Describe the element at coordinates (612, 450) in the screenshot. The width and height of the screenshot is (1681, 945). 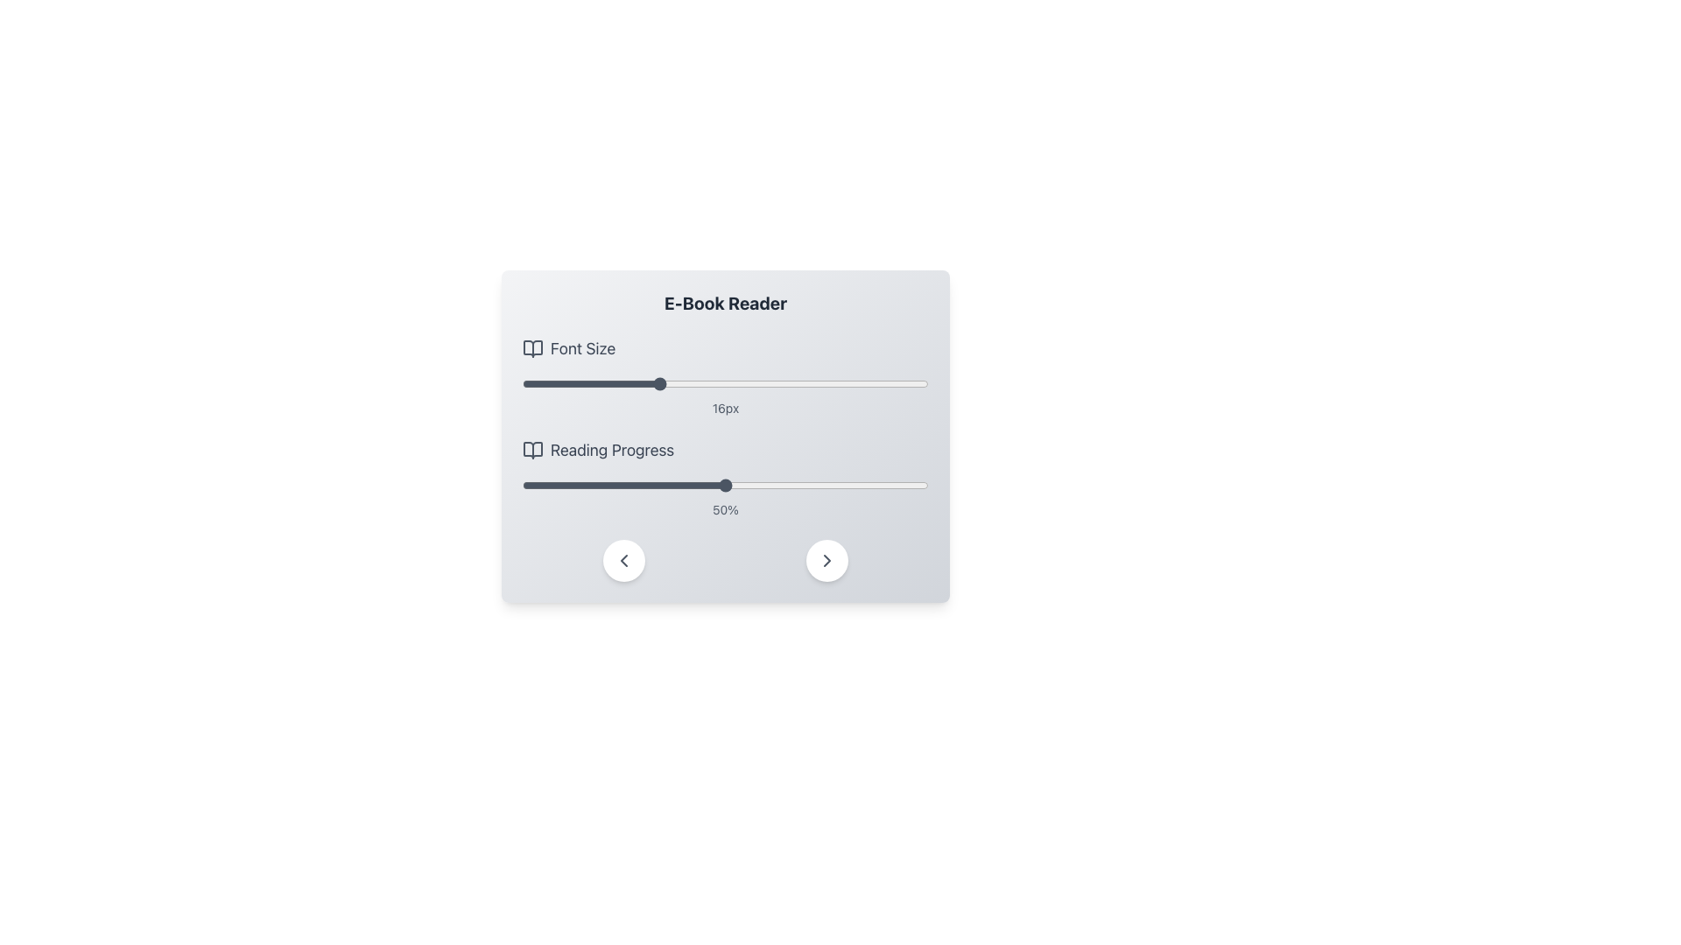
I see `the 'Reading Progress' text label, which is styled in gray and located in the center-left region of the interface, next to an open book icon` at that location.